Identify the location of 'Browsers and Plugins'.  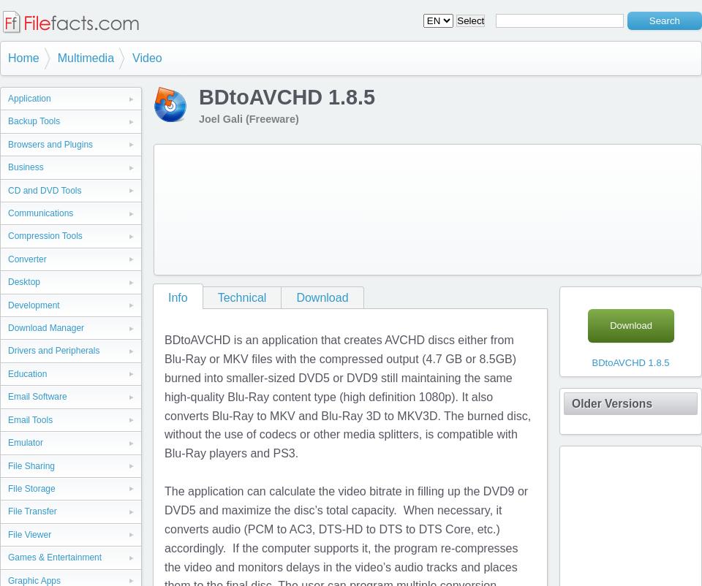
(50, 143).